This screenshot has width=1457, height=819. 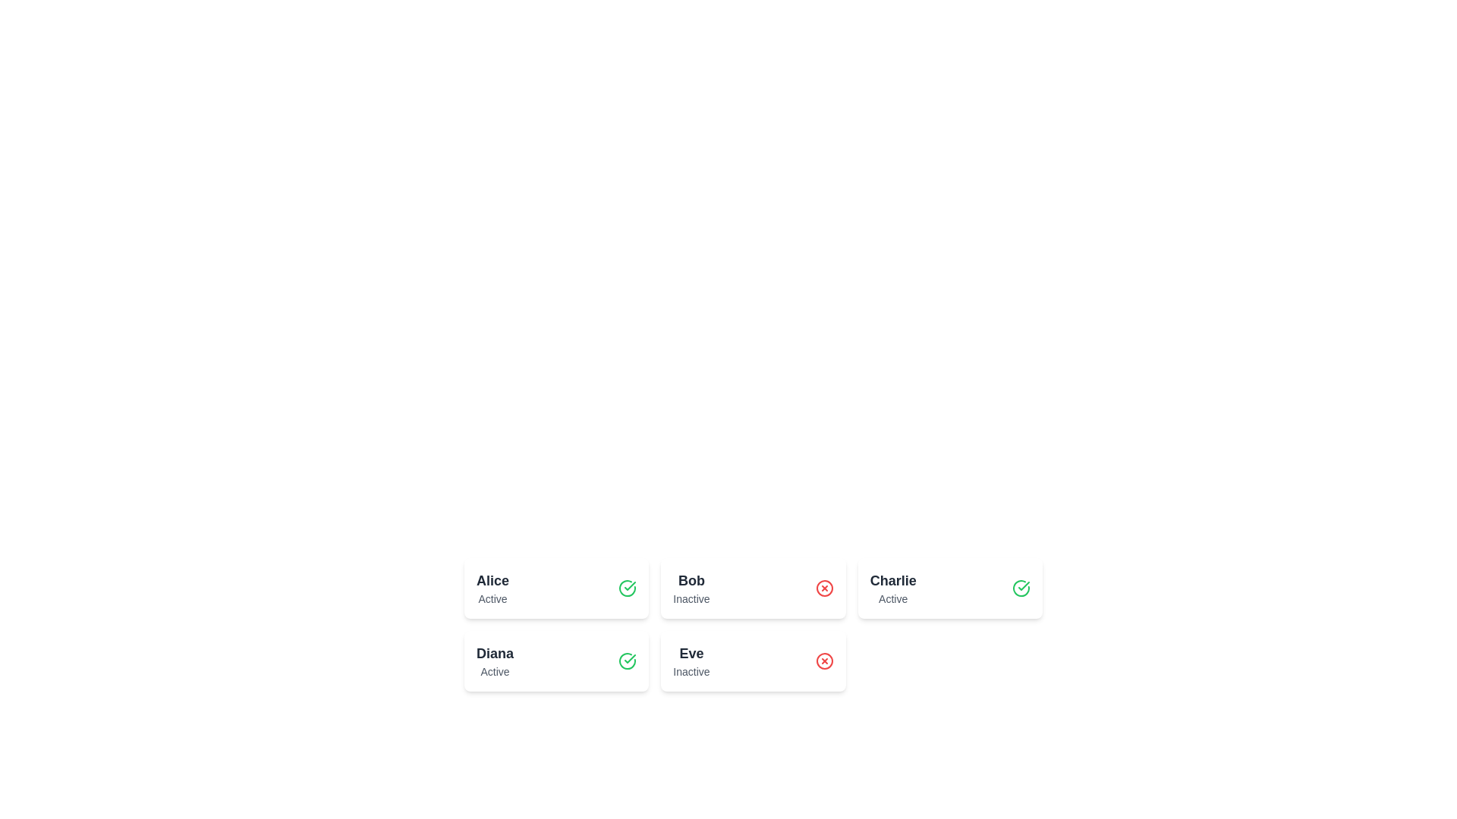 What do you see at coordinates (691, 652) in the screenshot?
I see `the text label reading 'Eve' which is styled with a bold font and dark gray color, located within a card component above 'Inactive'` at bounding box center [691, 652].